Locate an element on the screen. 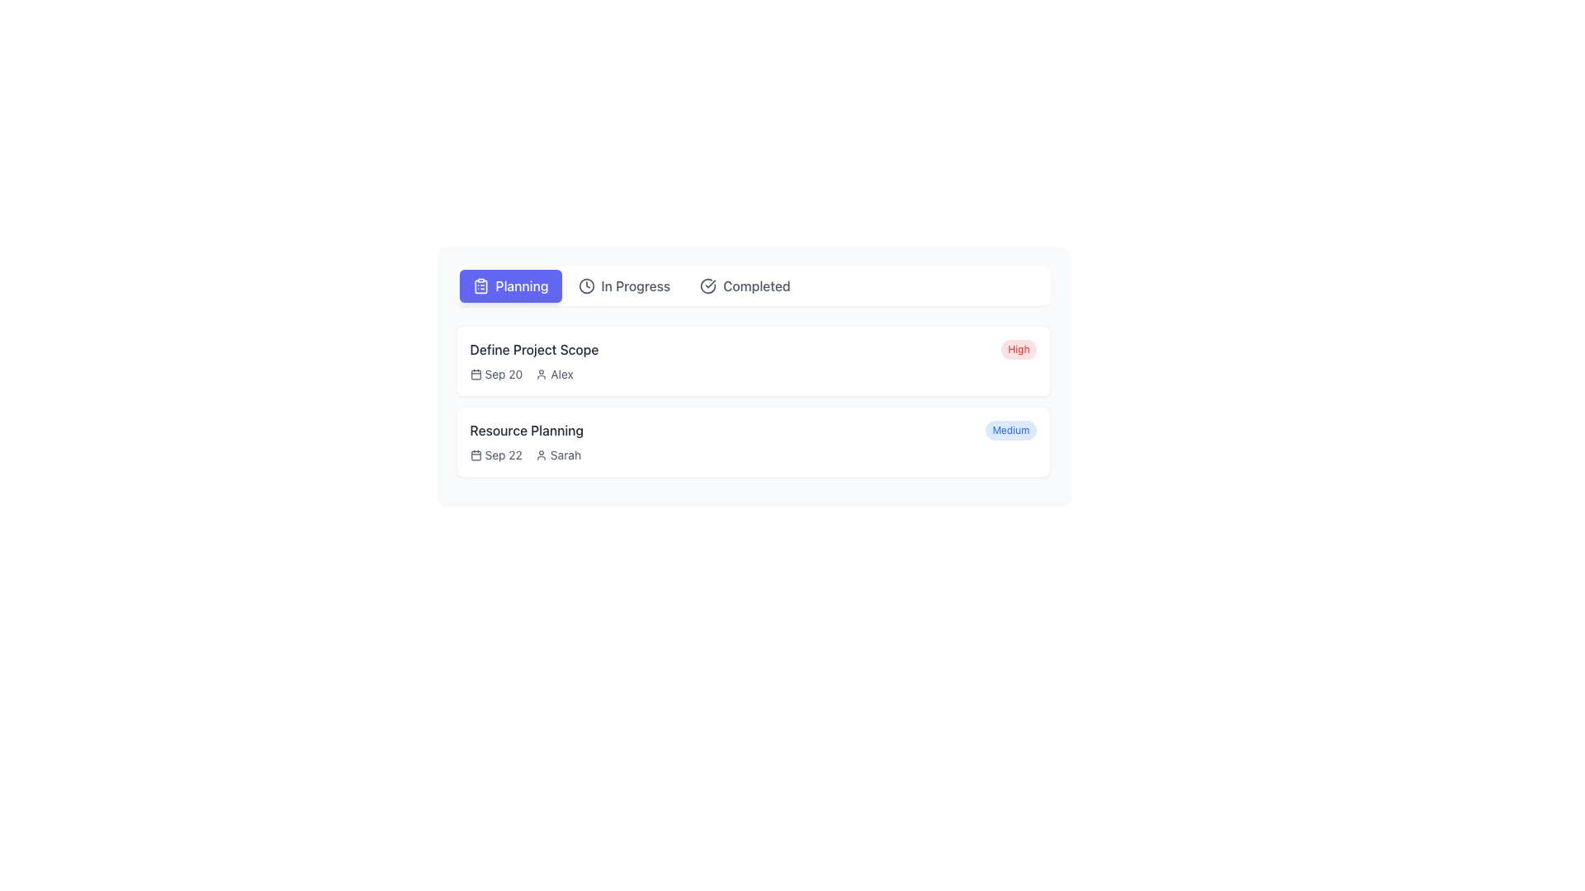 The image size is (1585, 891). the rectangular button with a violet background and white text that displays 'Planning', which features a clipboard icon to the left of the text is located at coordinates (509, 285).